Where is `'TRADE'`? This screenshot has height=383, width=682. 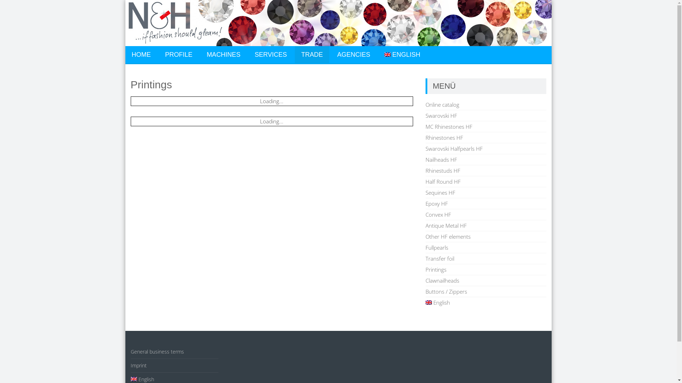
'TRADE' is located at coordinates (312, 54).